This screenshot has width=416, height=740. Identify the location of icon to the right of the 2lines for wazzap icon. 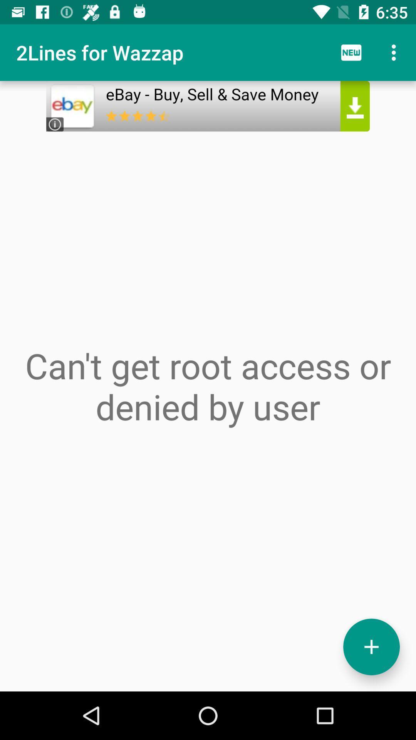
(351, 52).